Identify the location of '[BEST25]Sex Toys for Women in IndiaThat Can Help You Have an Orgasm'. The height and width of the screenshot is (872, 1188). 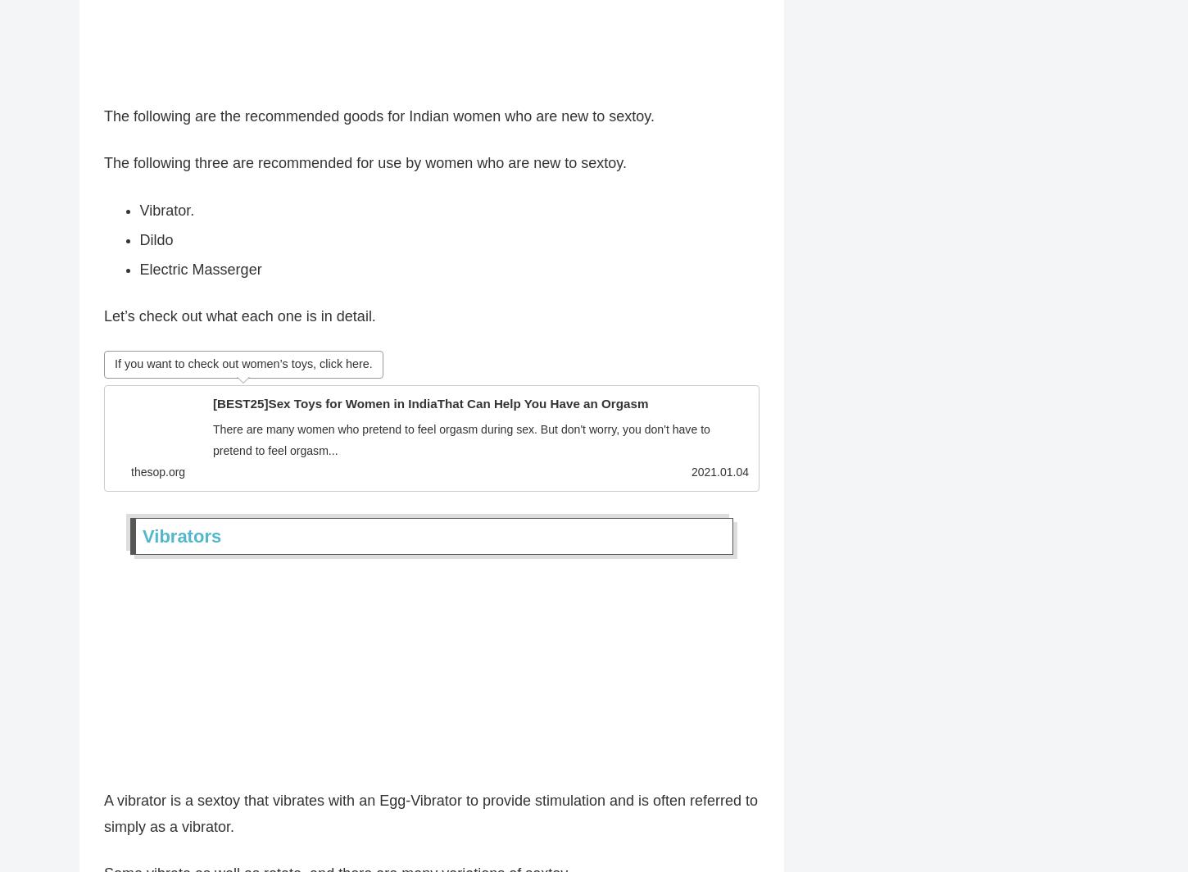
(430, 408).